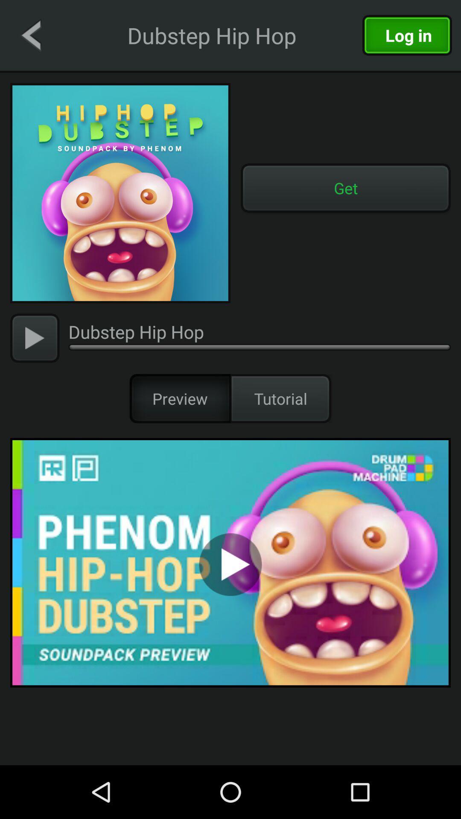 The width and height of the screenshot is (461, 819). Describe the element at coordinates (30, 35) in the screenshot. I see `the icon to the left of the dubstep hip hop app` at that location.